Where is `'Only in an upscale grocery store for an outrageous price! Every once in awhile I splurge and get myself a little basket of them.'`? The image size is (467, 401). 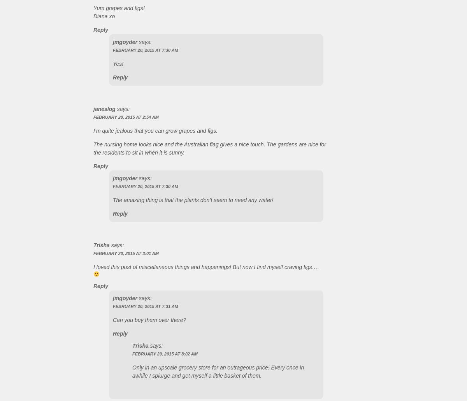 'Only in an upscale grocery store for an outrageous price! Every once in awhile I splurge and get myself a little basket of them.' is located at coordinates (218, 371).